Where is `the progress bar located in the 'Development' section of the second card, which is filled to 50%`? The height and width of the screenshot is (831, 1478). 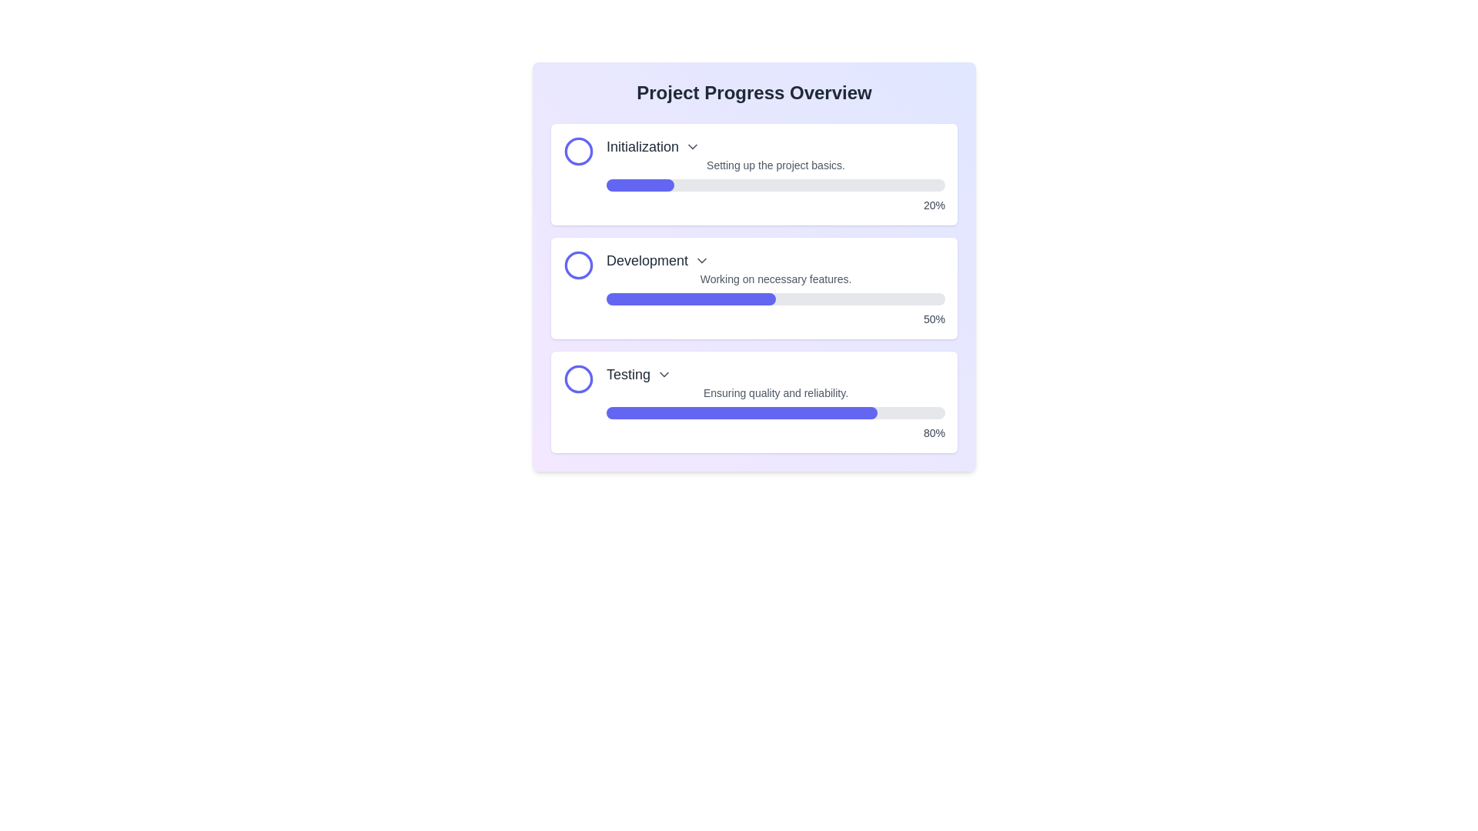
the progress bar located in the 'Development' section of the second card, which is filled to 50% is located at coordinates (776, 299).